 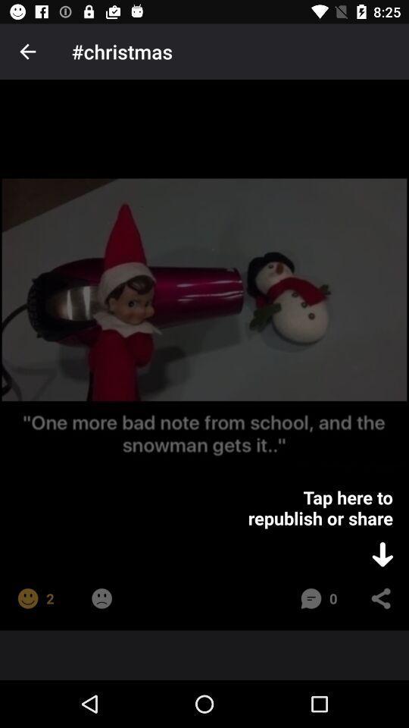 What do you see at coordinates (27, 598) in the screenshot?
I see `the icon which is left side of the 2` at bounding box center [27, 598].